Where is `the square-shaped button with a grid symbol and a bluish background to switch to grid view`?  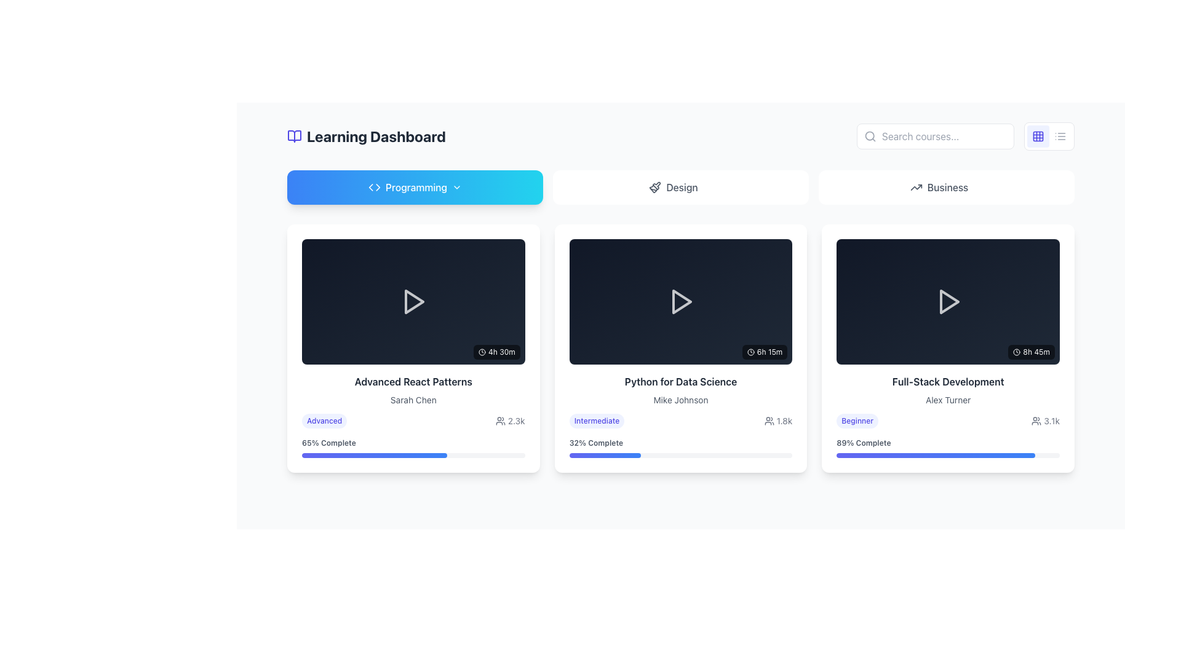
the square-shaped button with a grid symbol and a bluish background to switch to grid view is located at coordinates (1038, 136).